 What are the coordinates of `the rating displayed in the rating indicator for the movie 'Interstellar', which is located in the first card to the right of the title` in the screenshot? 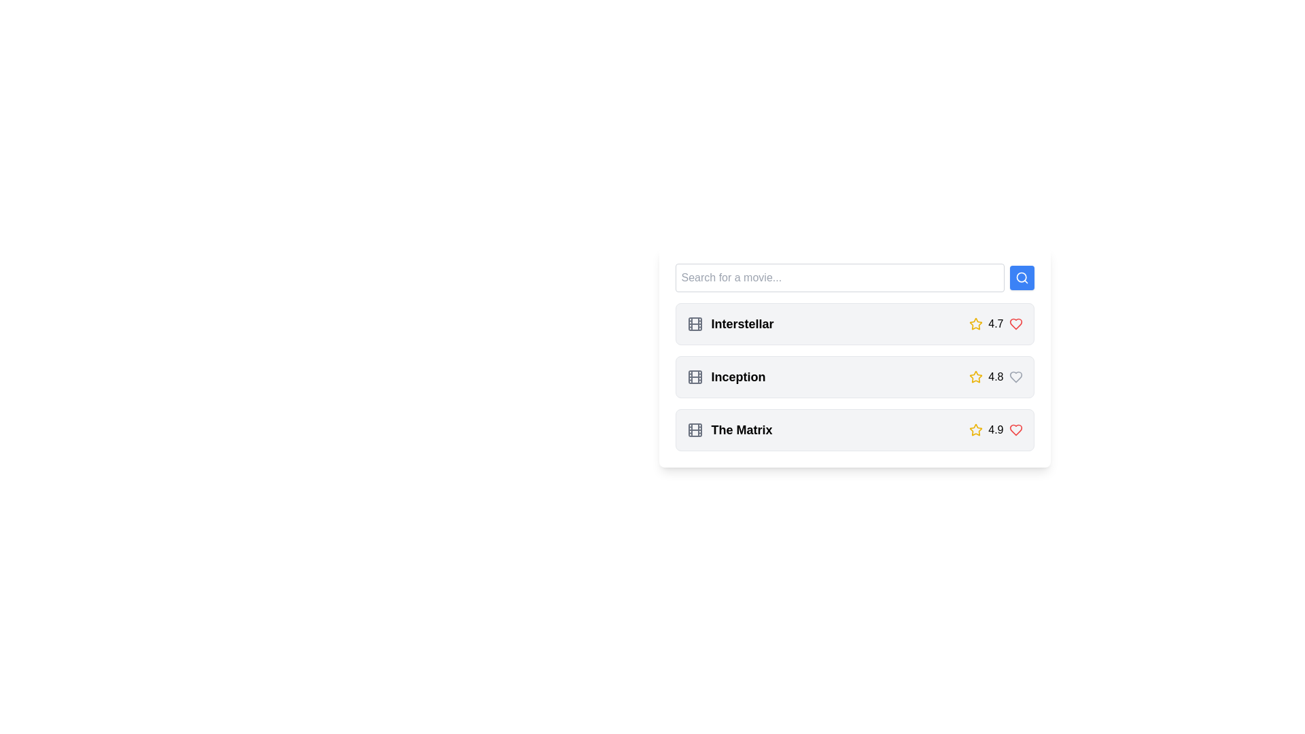 It's located at (996, 324).